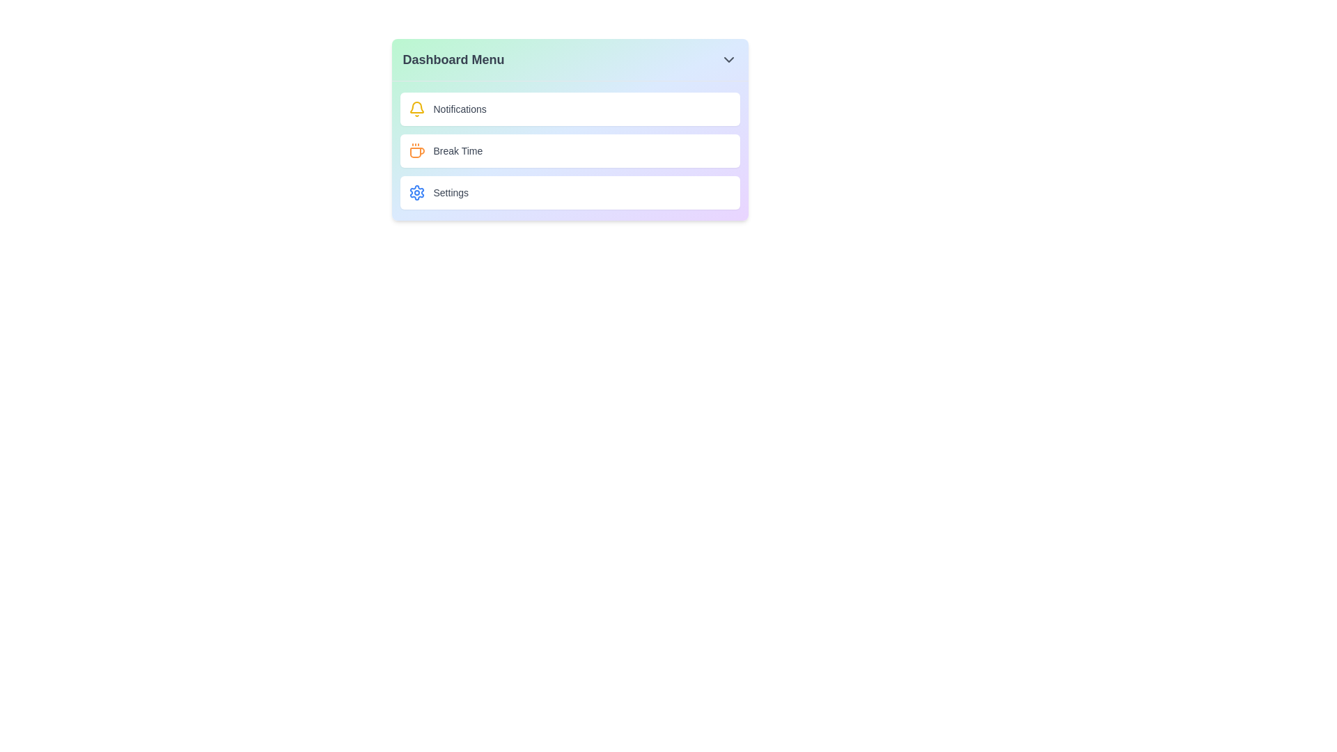 This screenshot has width=1337, height=752. What do you see at coordinates (460, 109) in the screenshot?
I see `the 'Notifications' text label, which is styled in medium weight, small font size, and gray color, located in the first option of a vertically stacked menu next to a yellow bell icon` at bounding box center [460, 109].